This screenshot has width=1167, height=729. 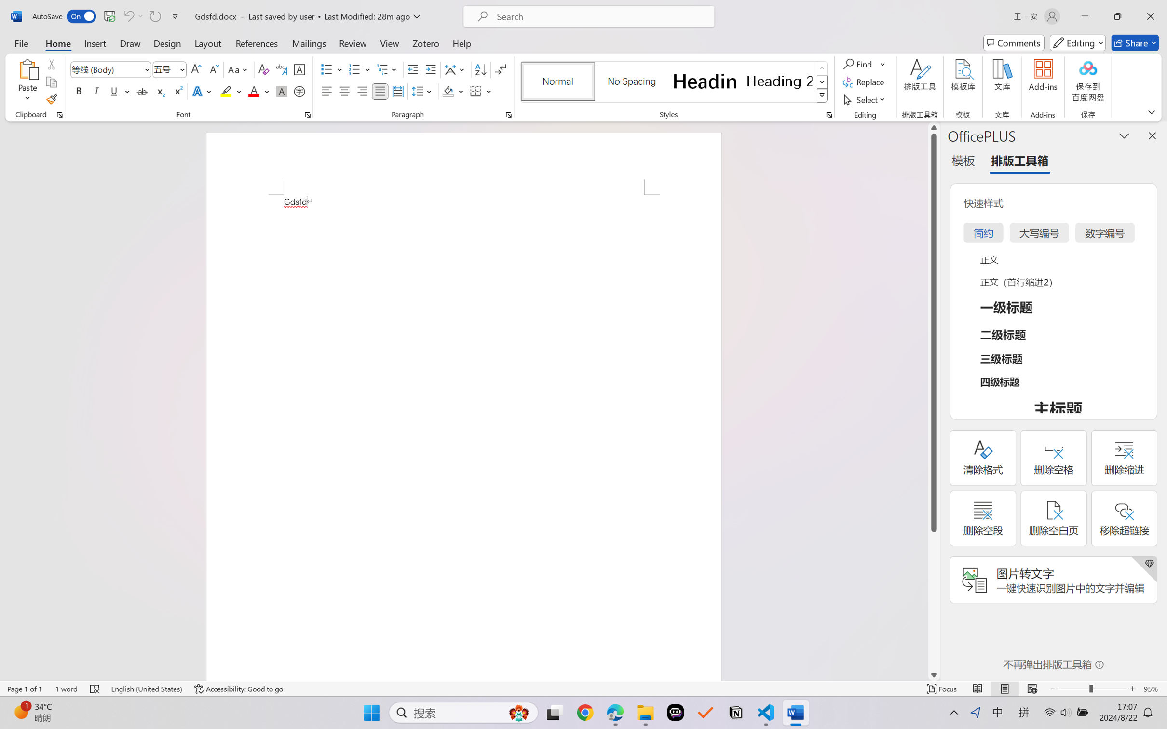 I want to click on 'Task Pane Options', so click(x=1124, y=135).